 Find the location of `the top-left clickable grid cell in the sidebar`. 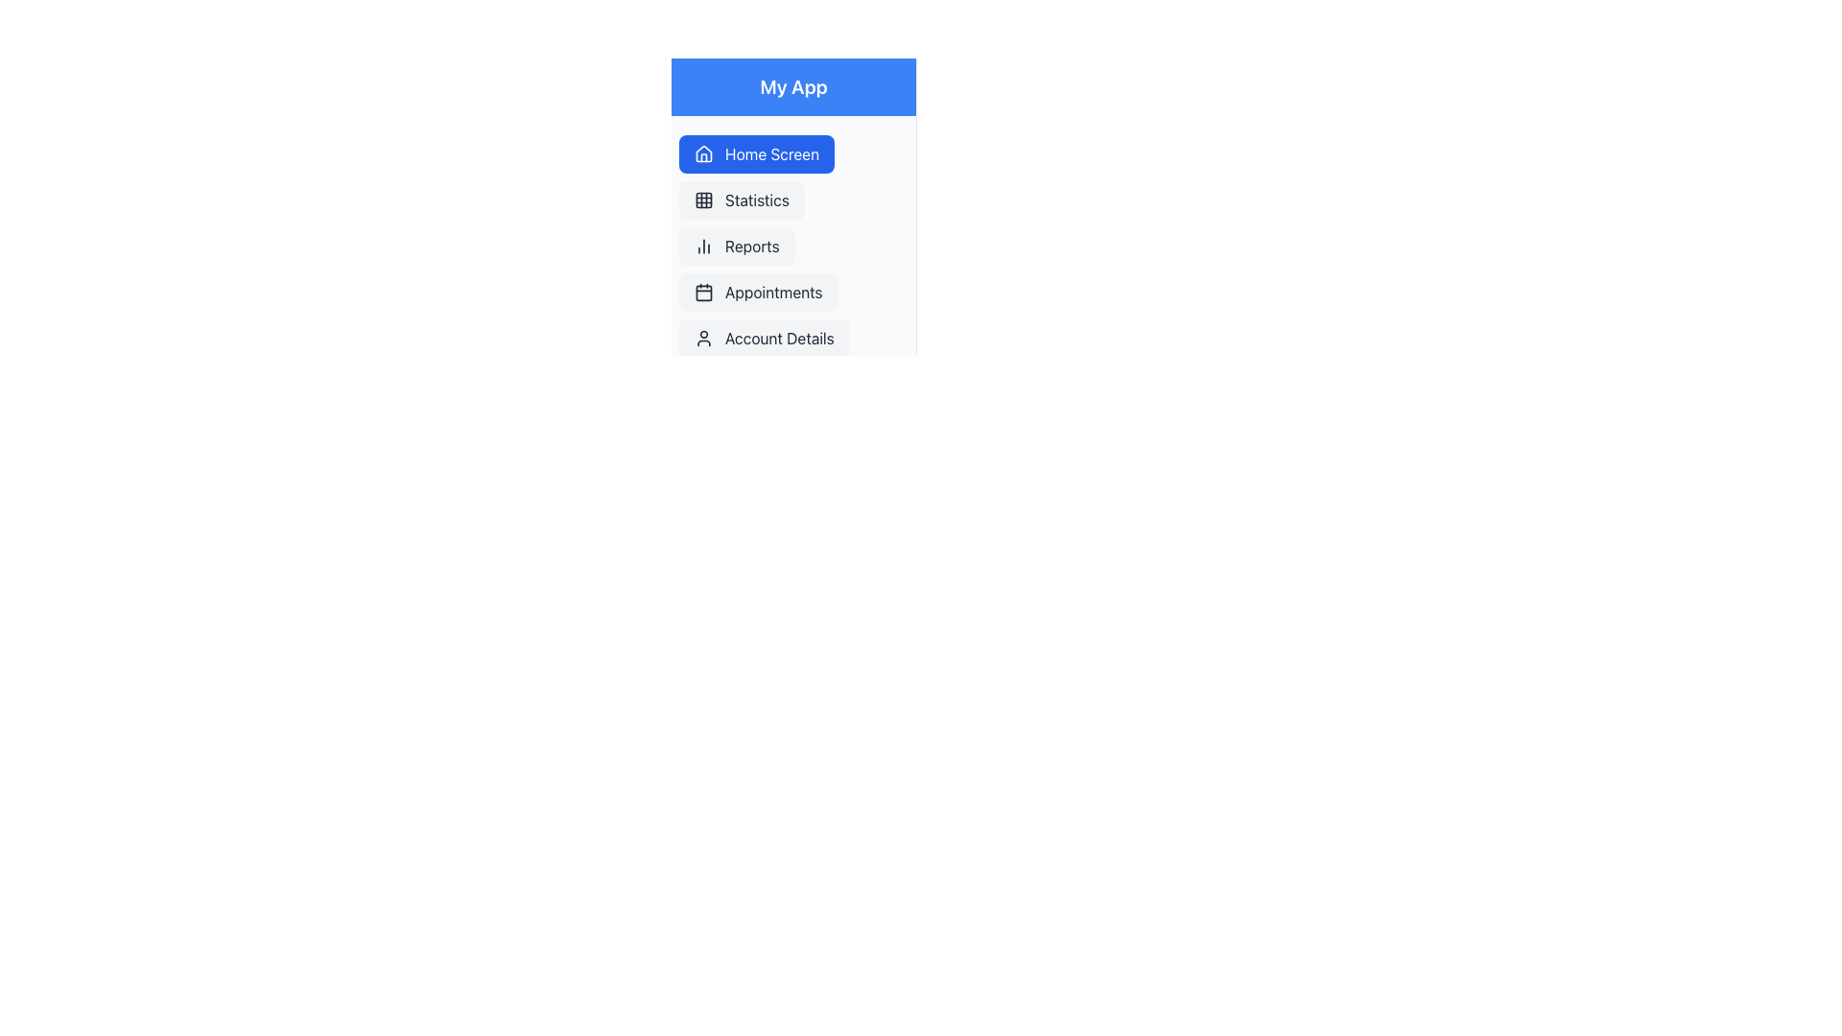

the top-left clickable grid cell in the sidebar is located at coordinates (703, 200).